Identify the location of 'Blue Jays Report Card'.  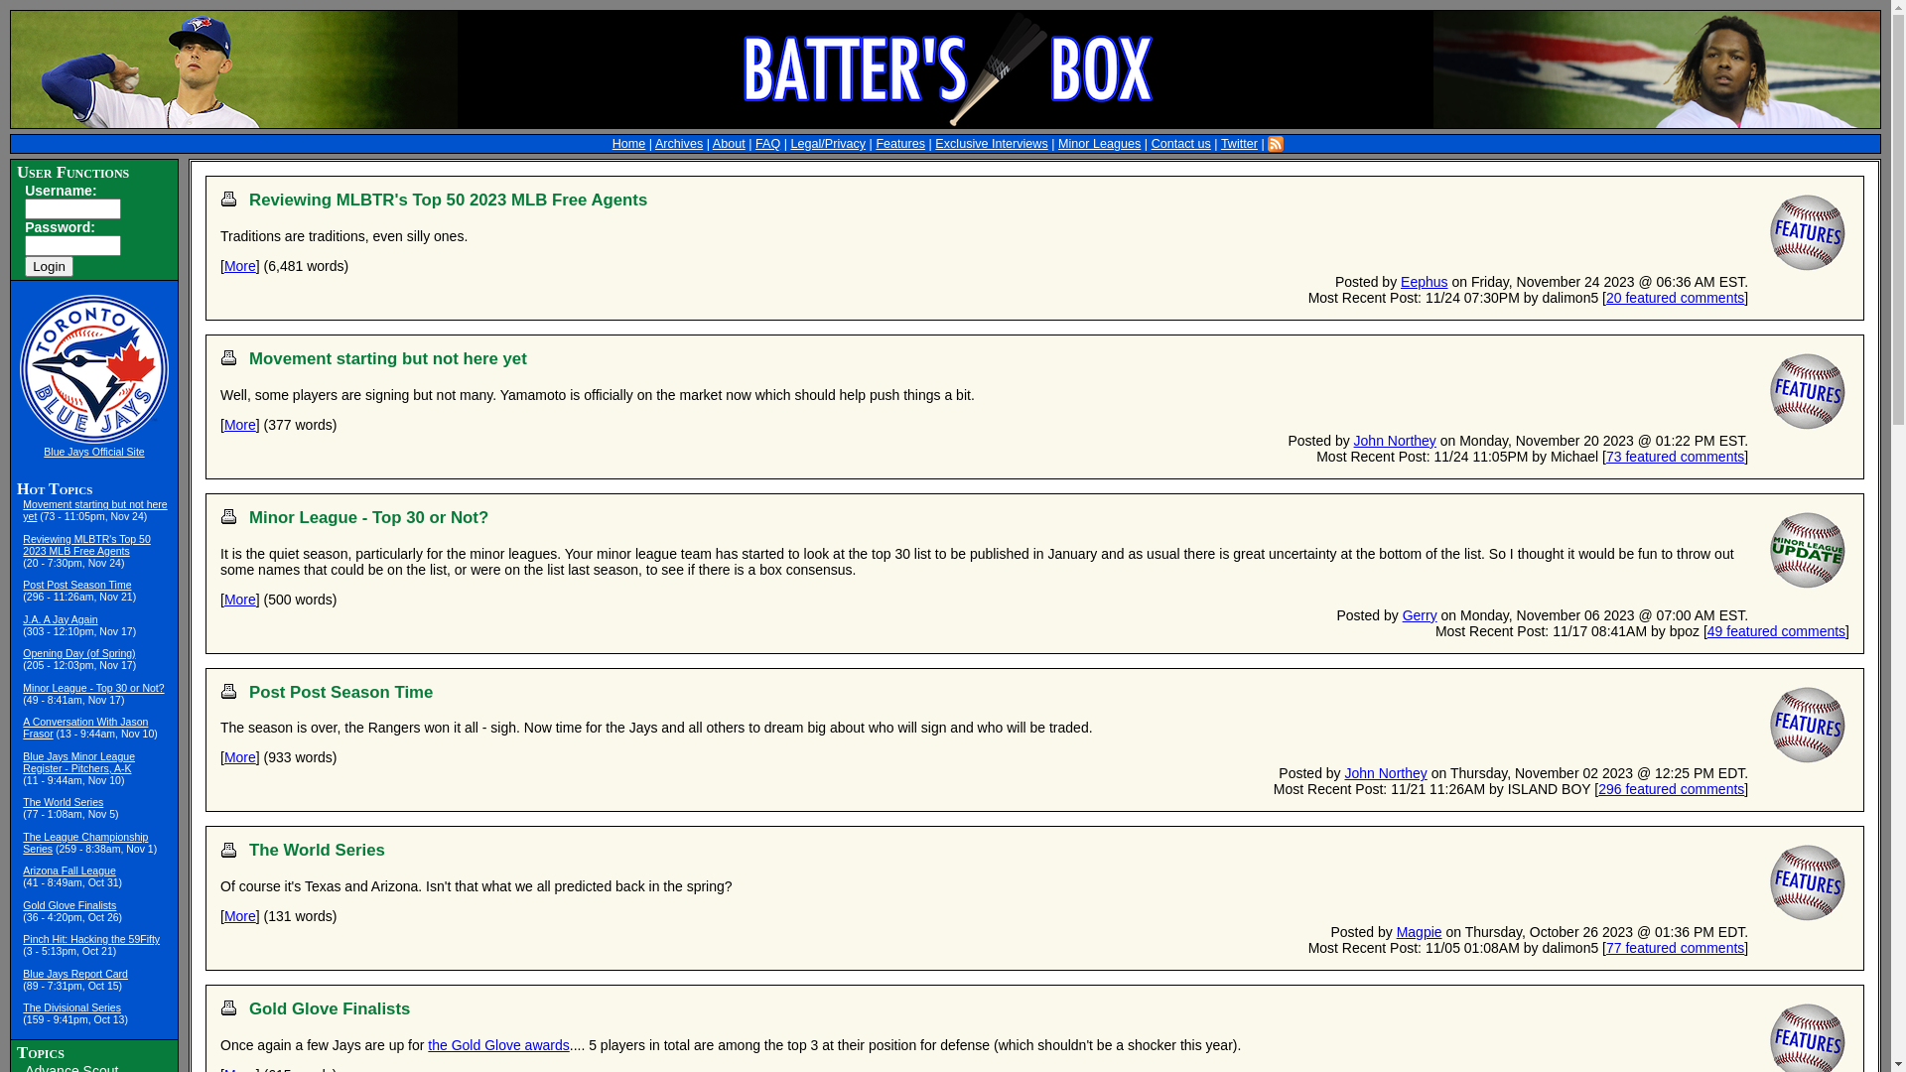
(75, 972).